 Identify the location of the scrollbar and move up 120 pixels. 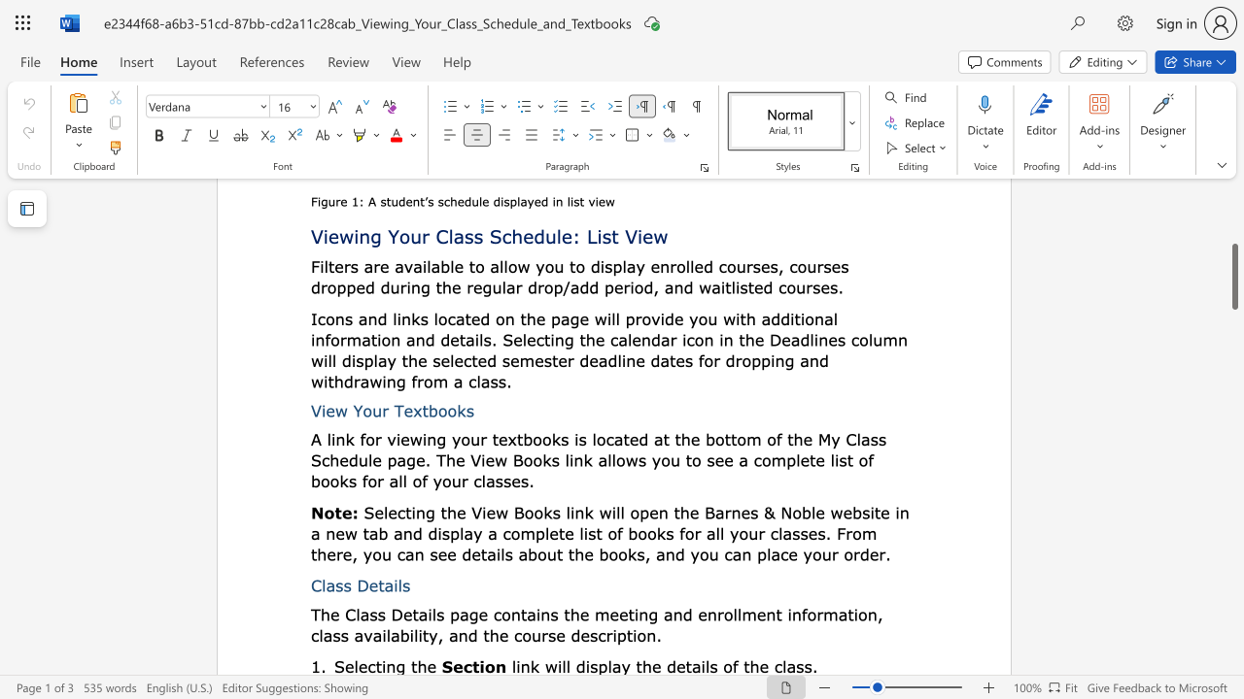
(1233, 277).